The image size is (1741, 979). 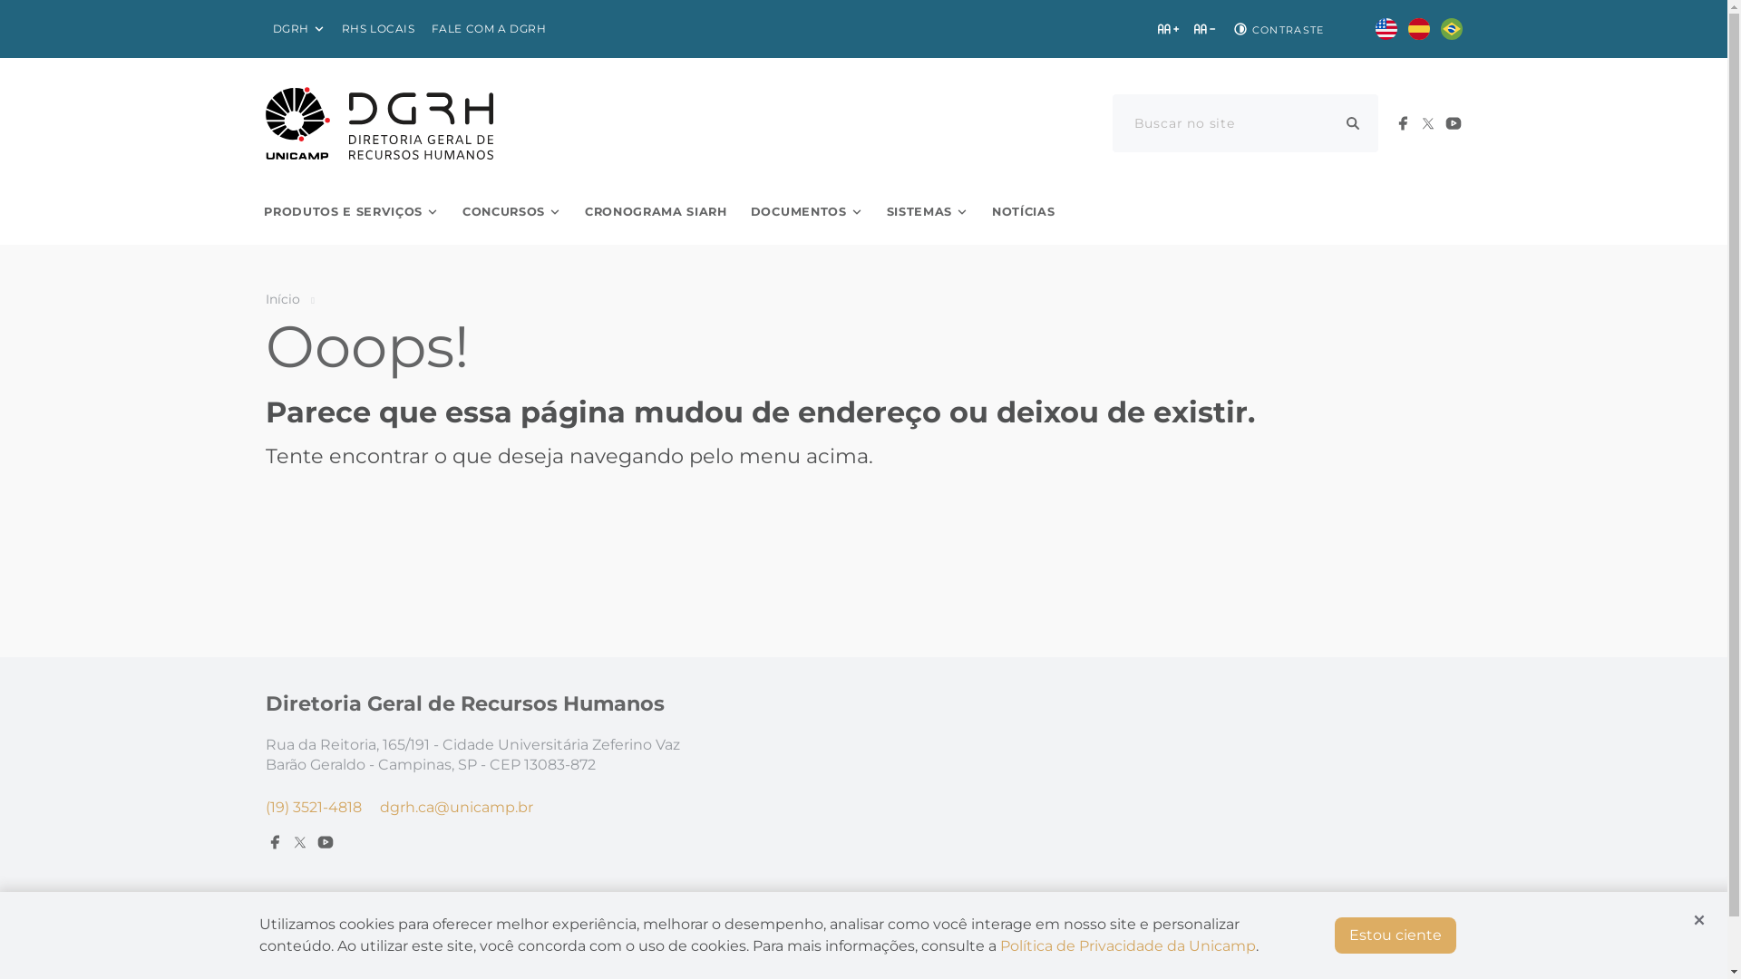 I want to click on 'DGRH', so click(x=298, y=29).